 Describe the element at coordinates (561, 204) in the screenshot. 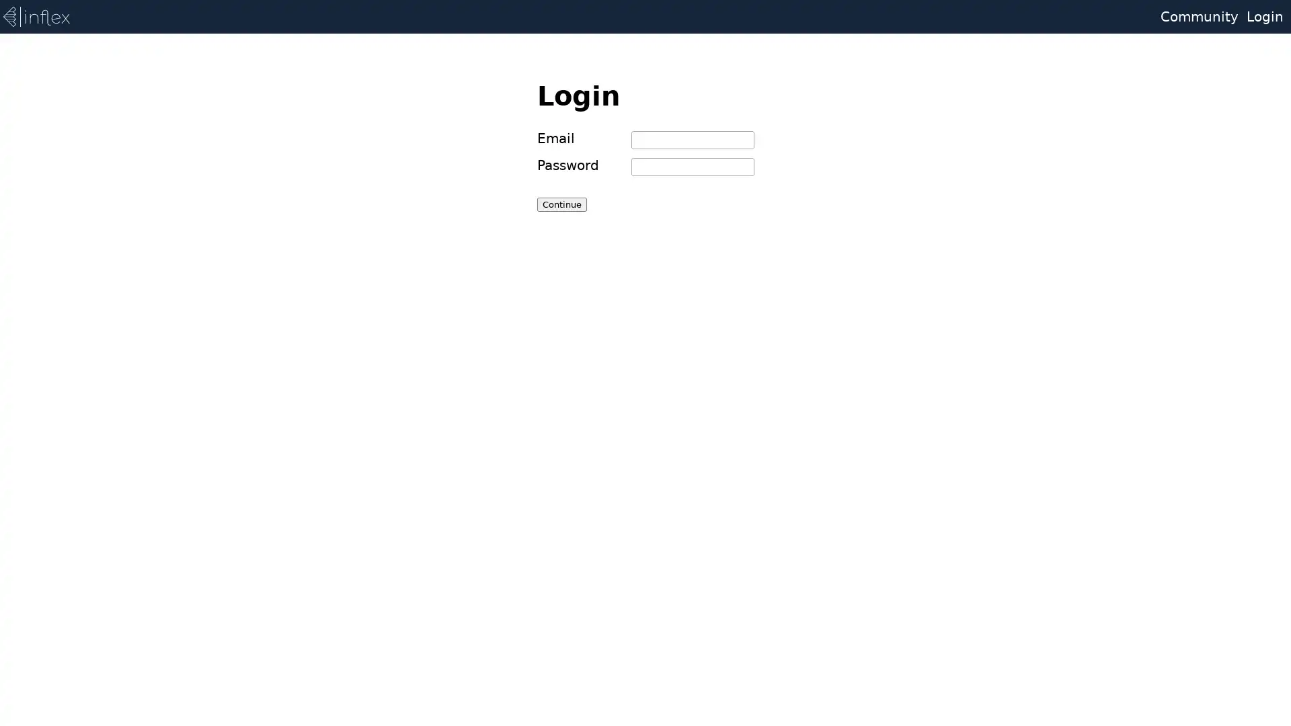

I see `Continue` at that location.